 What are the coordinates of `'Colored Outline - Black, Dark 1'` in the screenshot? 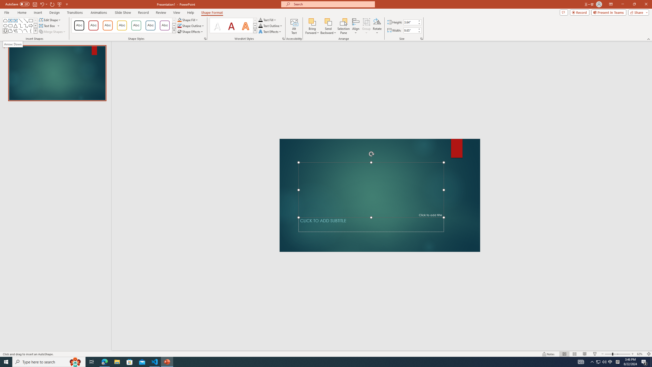 It's located at (79, 25).